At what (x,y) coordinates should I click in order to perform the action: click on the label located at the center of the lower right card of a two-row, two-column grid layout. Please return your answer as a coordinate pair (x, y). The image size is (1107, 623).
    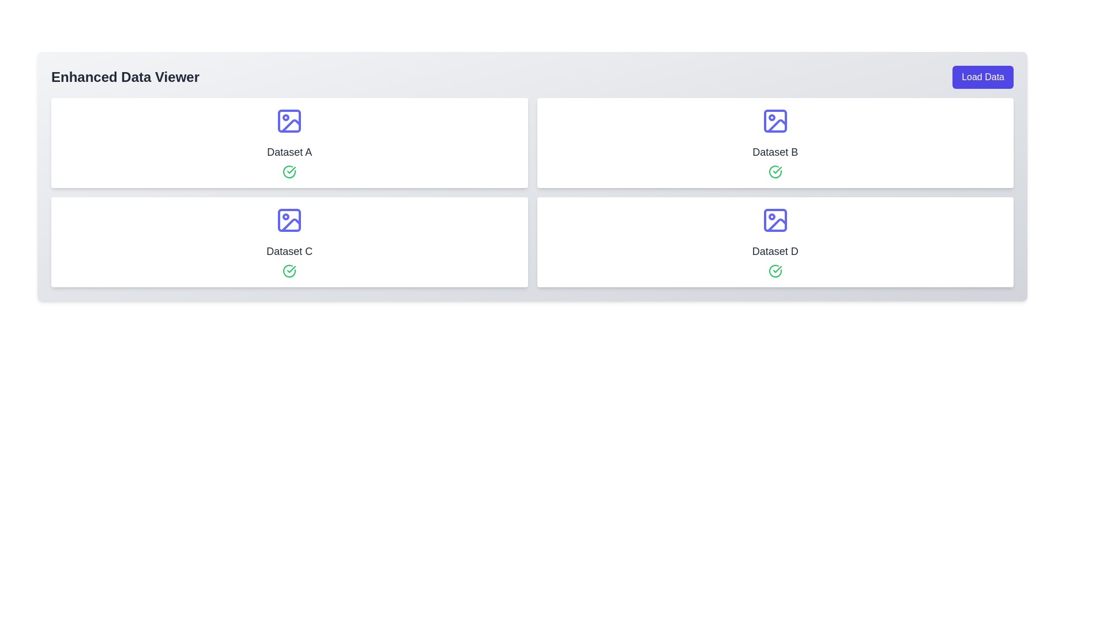
    Looking at the image, I should click on (775, 250).